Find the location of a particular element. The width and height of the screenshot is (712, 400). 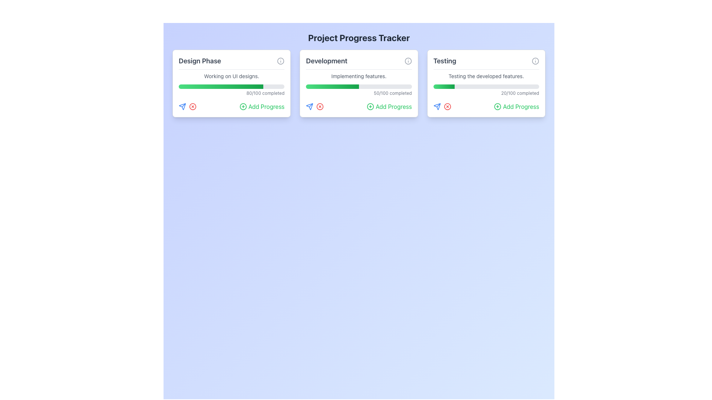

the 'Add Progress' button, which is a green text with an icon featuring a plus sign is located at coordinates (262, 107).